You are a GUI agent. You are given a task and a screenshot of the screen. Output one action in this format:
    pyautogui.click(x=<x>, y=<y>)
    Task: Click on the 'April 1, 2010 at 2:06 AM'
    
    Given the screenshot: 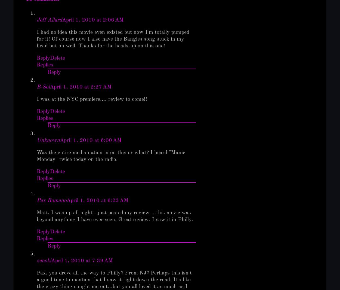 What is the action you would take?
    pyautogui.click(x=62, y=20)
    